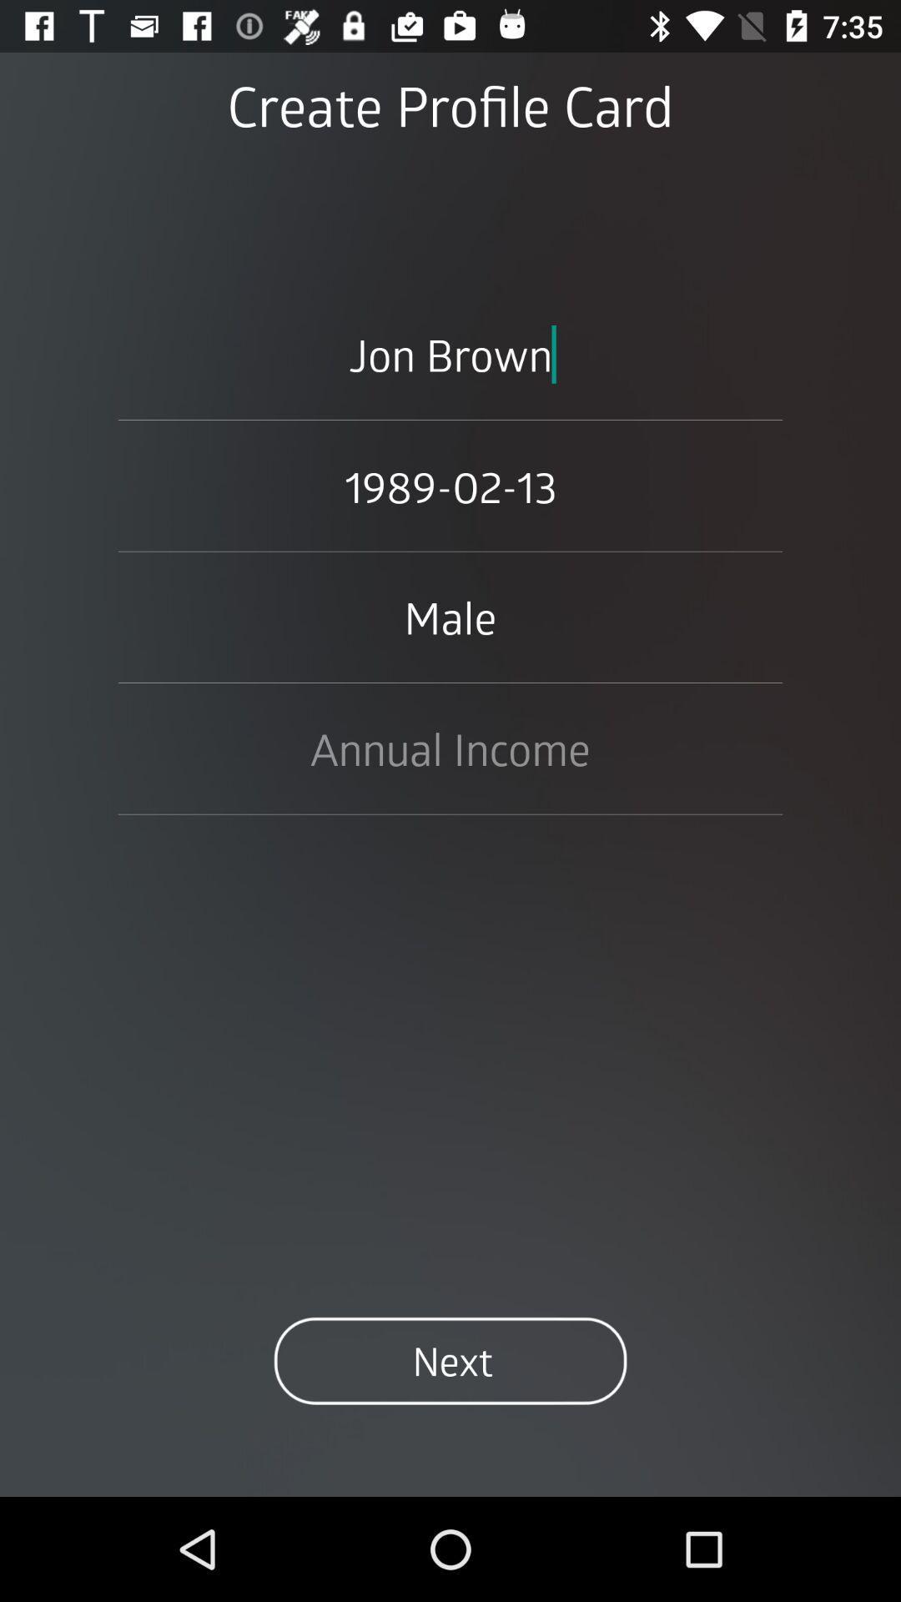 Image resolution: width=901 pixels, height=1602 pixels. Describe the element at coordinates (450, 748) in the screenshot. I see `annual income` at that location.